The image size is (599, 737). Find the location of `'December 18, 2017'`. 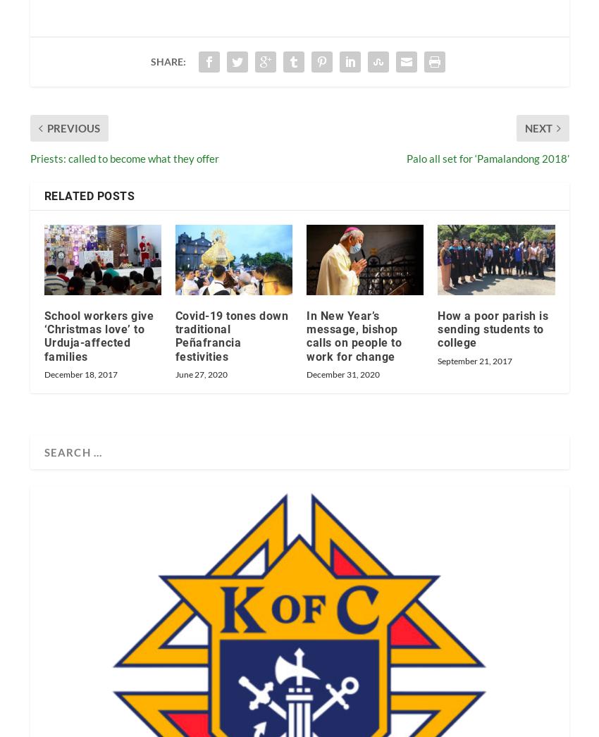

'December 18, 2017' is located at coordinates (79, 373).